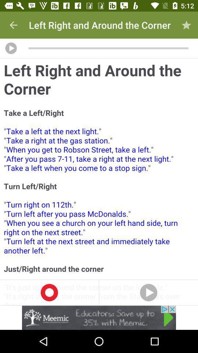 The width and height of the screenshot is (198, 353). What do you see at coordinates (49, 292) in the screenshot?
I see `start recording` at bounding box center [49, 292].